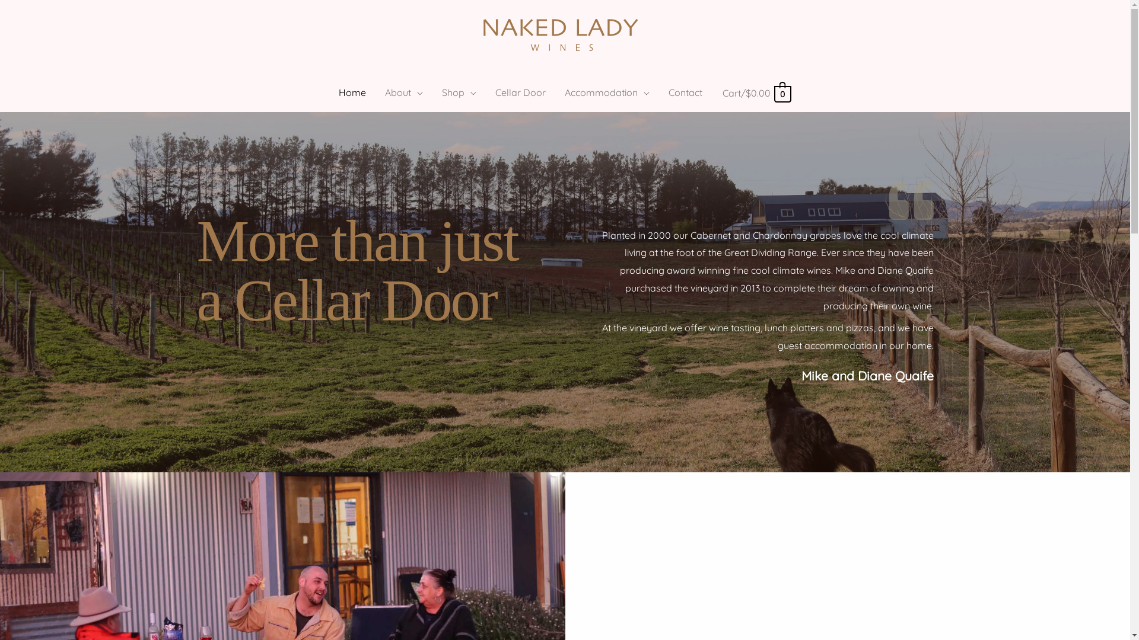  I want to click on 'Shop', so click(432, 91).